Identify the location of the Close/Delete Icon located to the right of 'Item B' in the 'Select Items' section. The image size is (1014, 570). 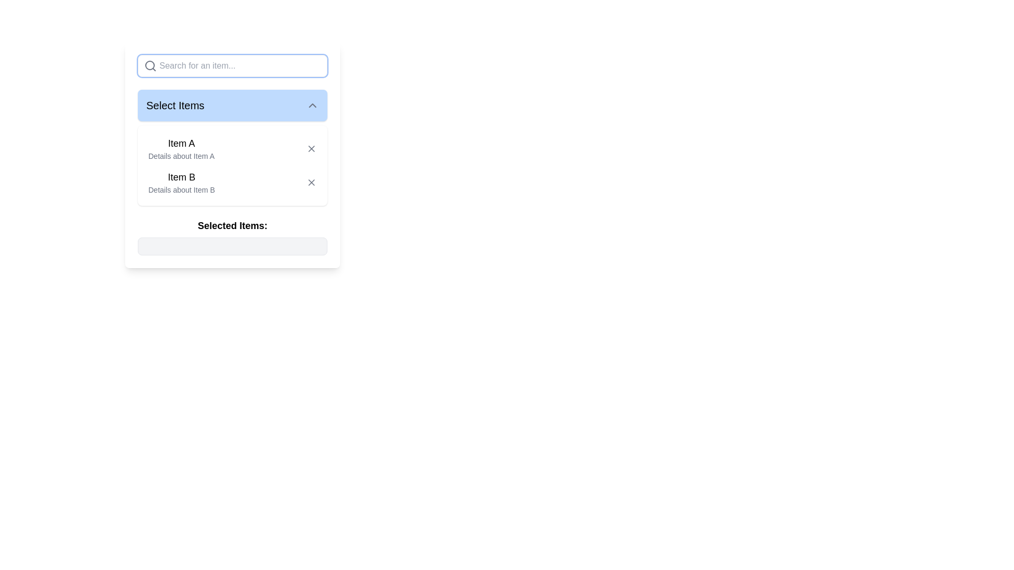
(311, 182).